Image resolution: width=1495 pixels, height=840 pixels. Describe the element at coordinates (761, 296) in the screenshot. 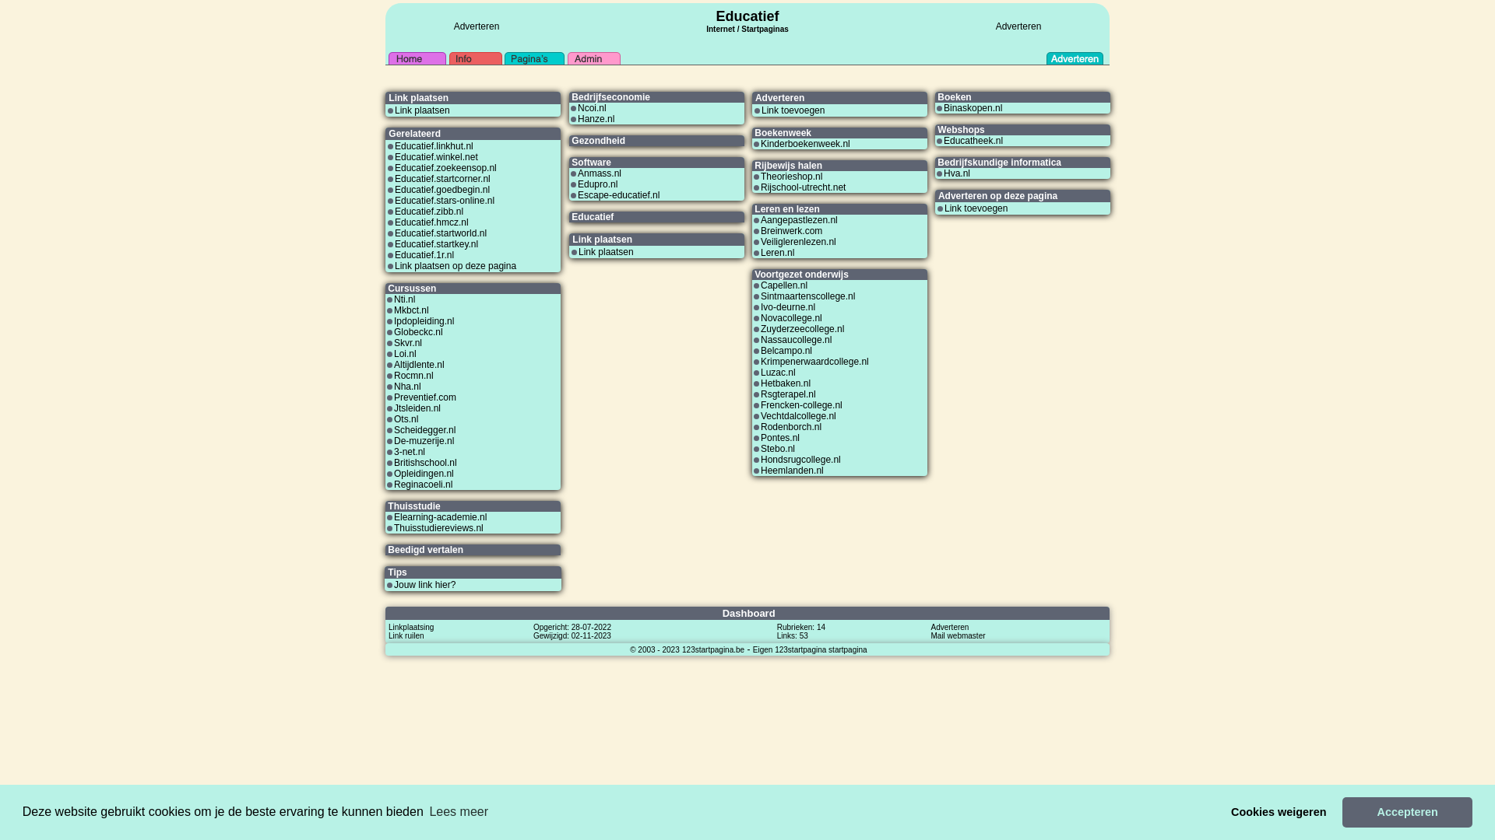

I see `'Sintmaartenscollege.nl'` at that location.